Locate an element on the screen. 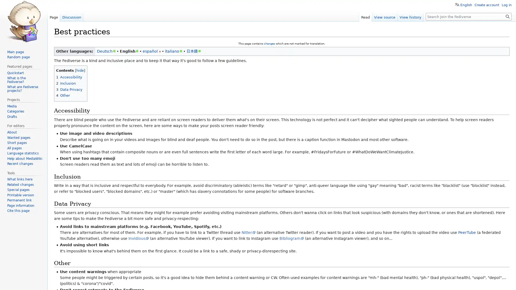  Go is located at coordinates (507, 16).